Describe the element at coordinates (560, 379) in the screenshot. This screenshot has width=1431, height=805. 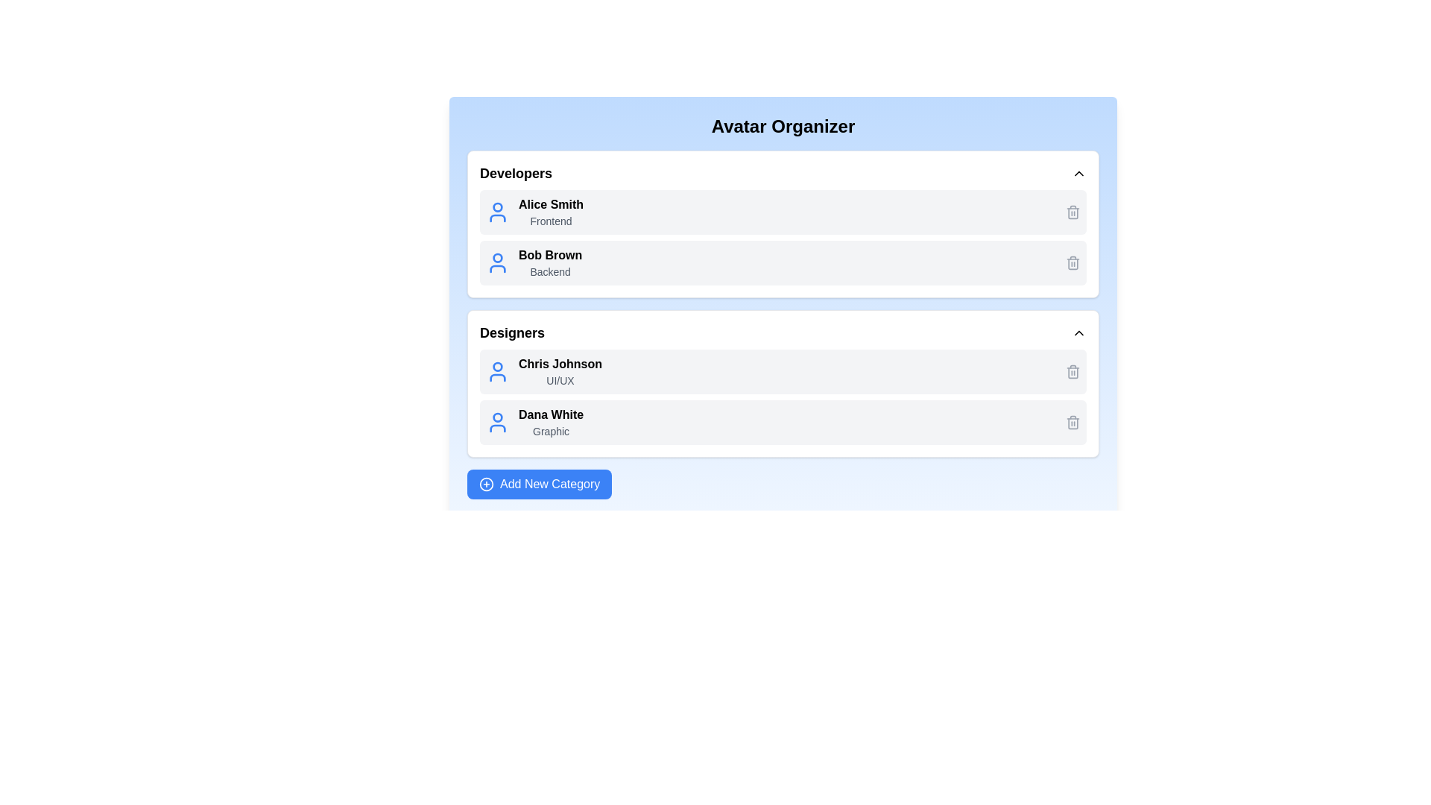
I see `the text label indicating 'UI/UX' for the individual named 'Chris Johnson' in the 'Designers' category` at that location.